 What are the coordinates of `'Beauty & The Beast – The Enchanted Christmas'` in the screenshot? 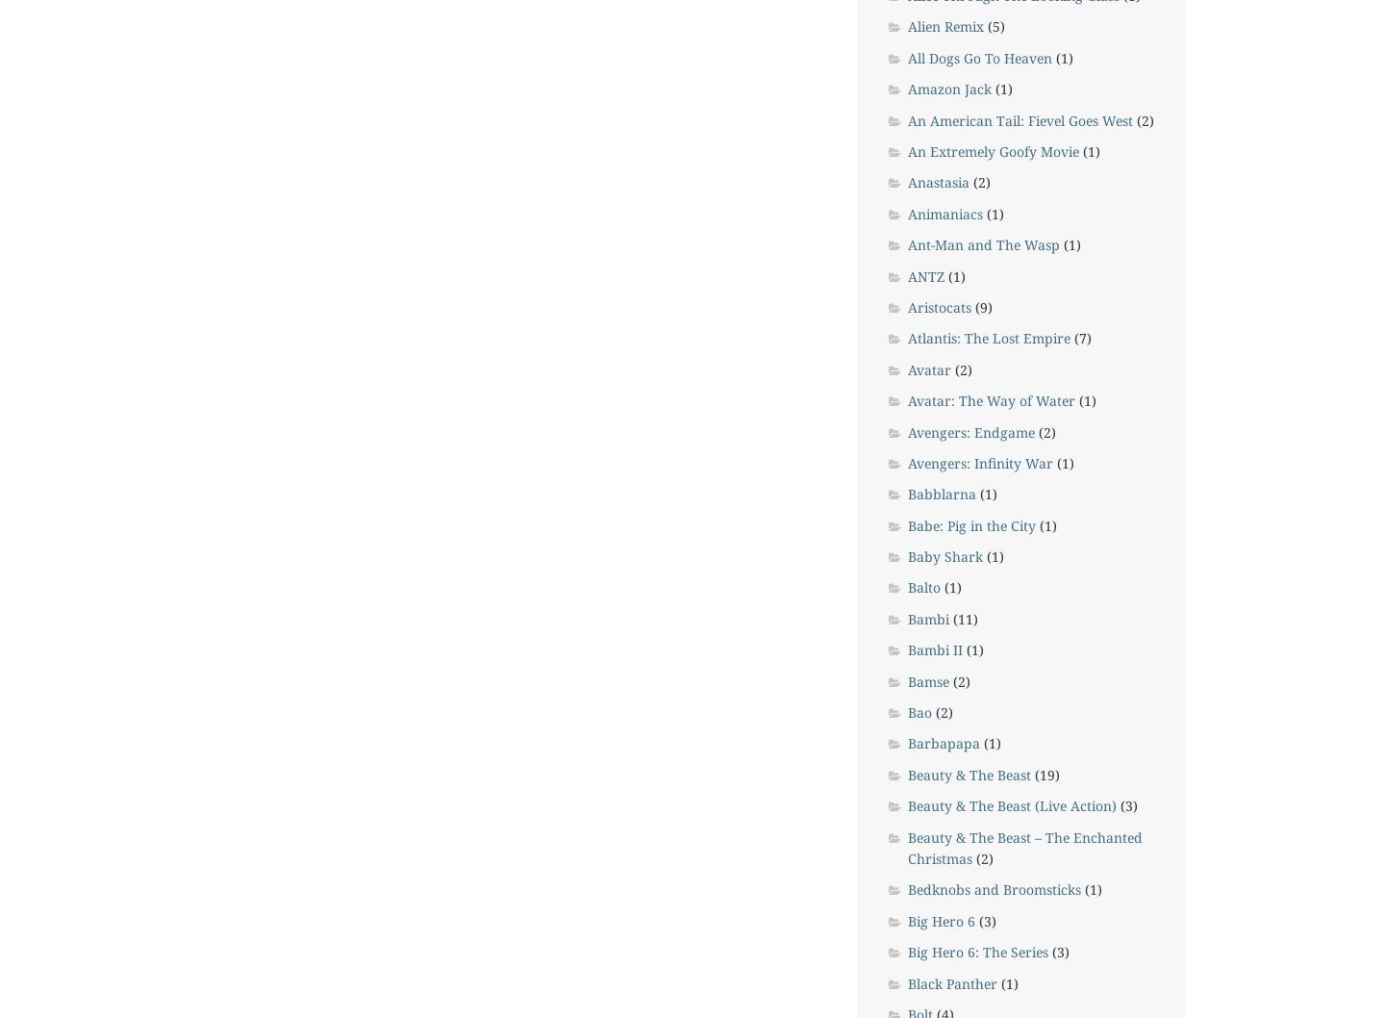 It's located at (1024, 846).